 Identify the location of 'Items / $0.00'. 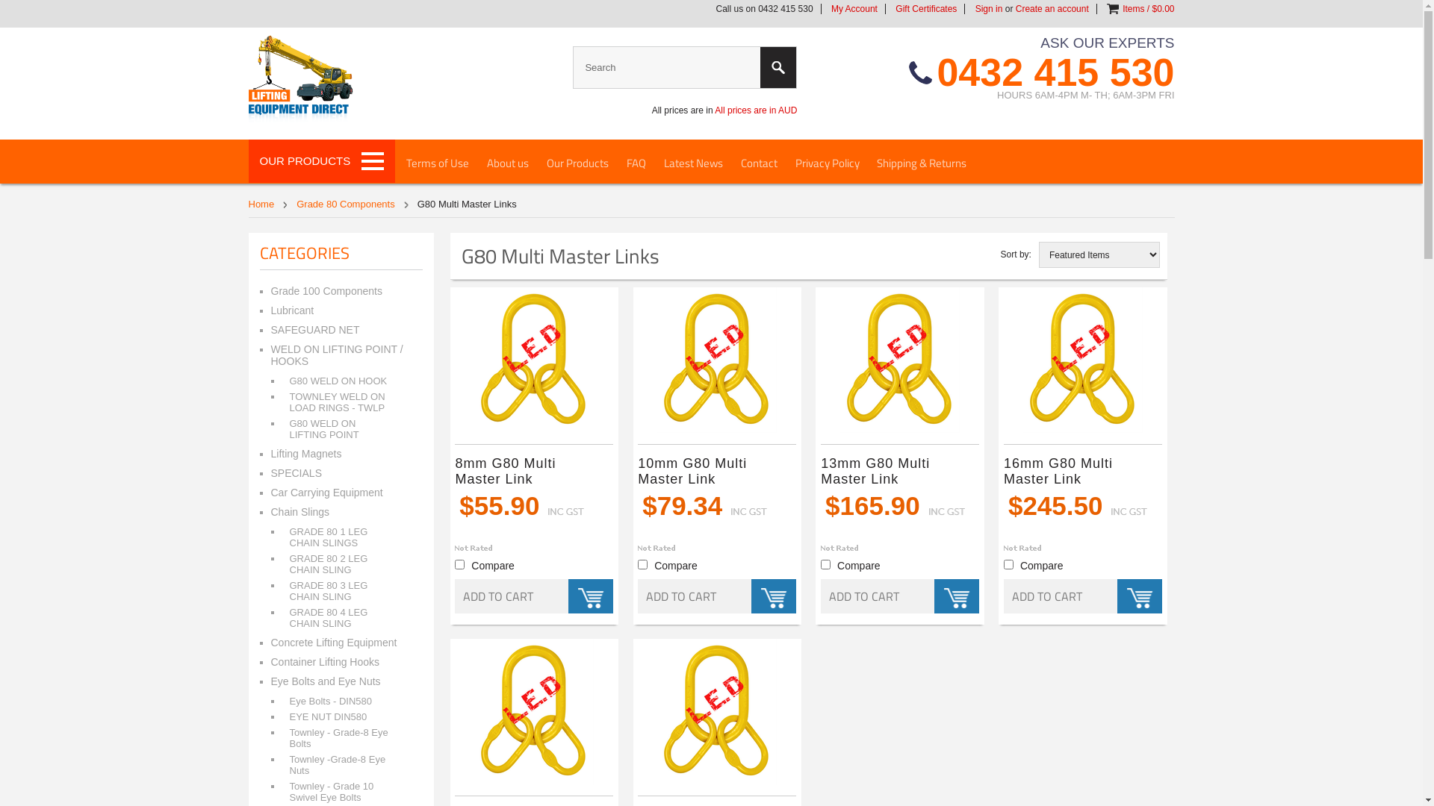
(1147, 8).